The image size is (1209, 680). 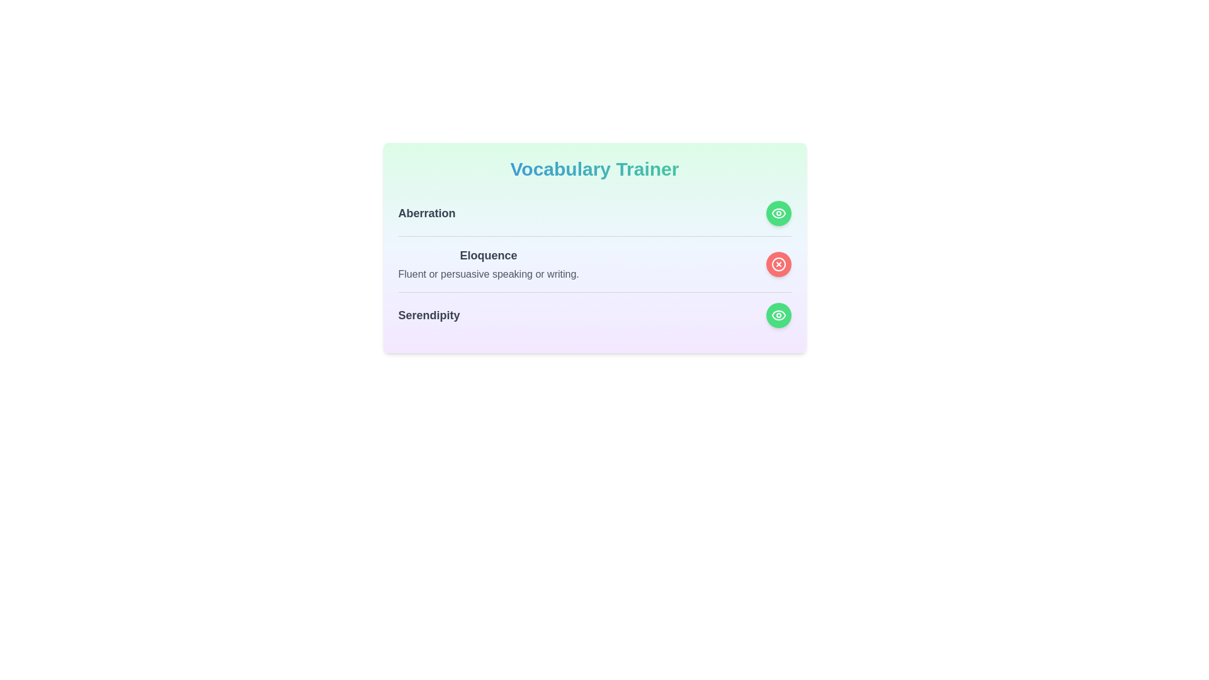 I want to click on the visibility toggle button for the word Eloquence, so click(x=778, y=264).